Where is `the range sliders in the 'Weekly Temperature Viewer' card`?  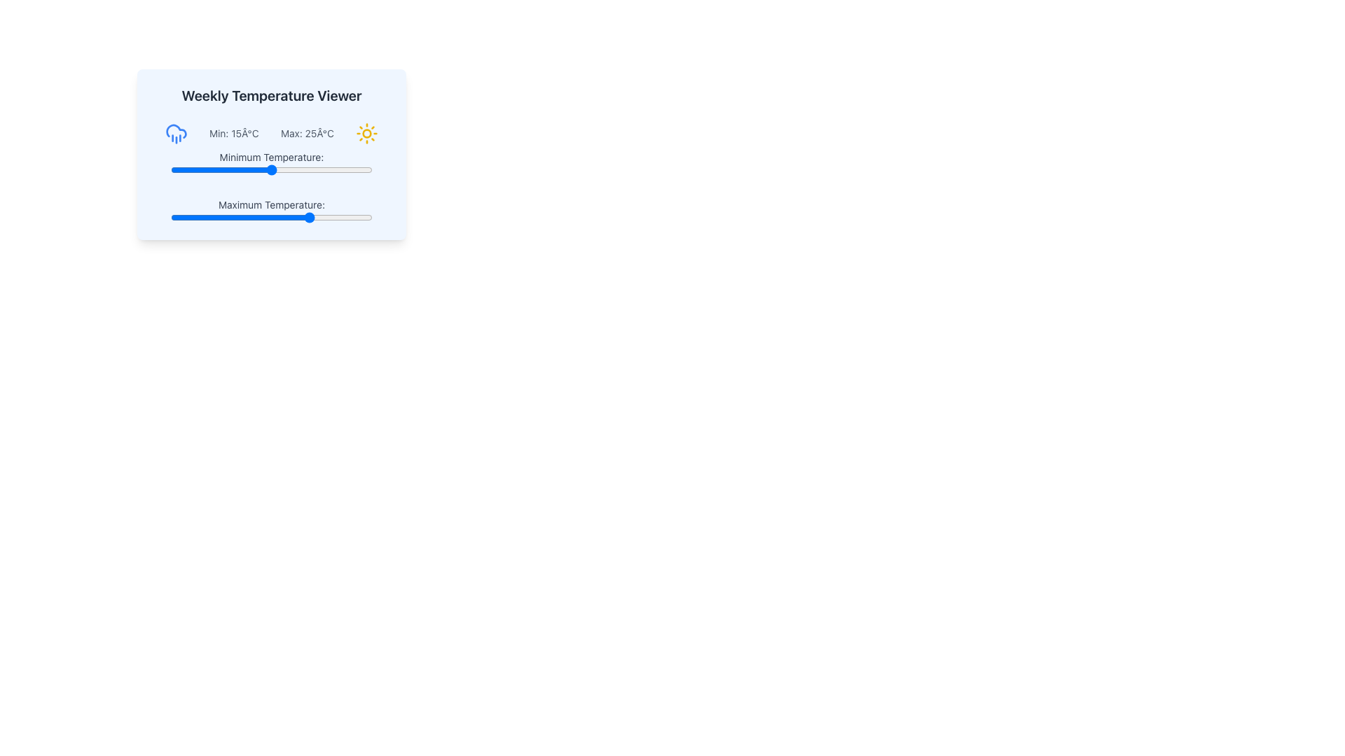 the range sliders in the 'Weekly Temperature Viewer' card is located at coordinates (272, 185).